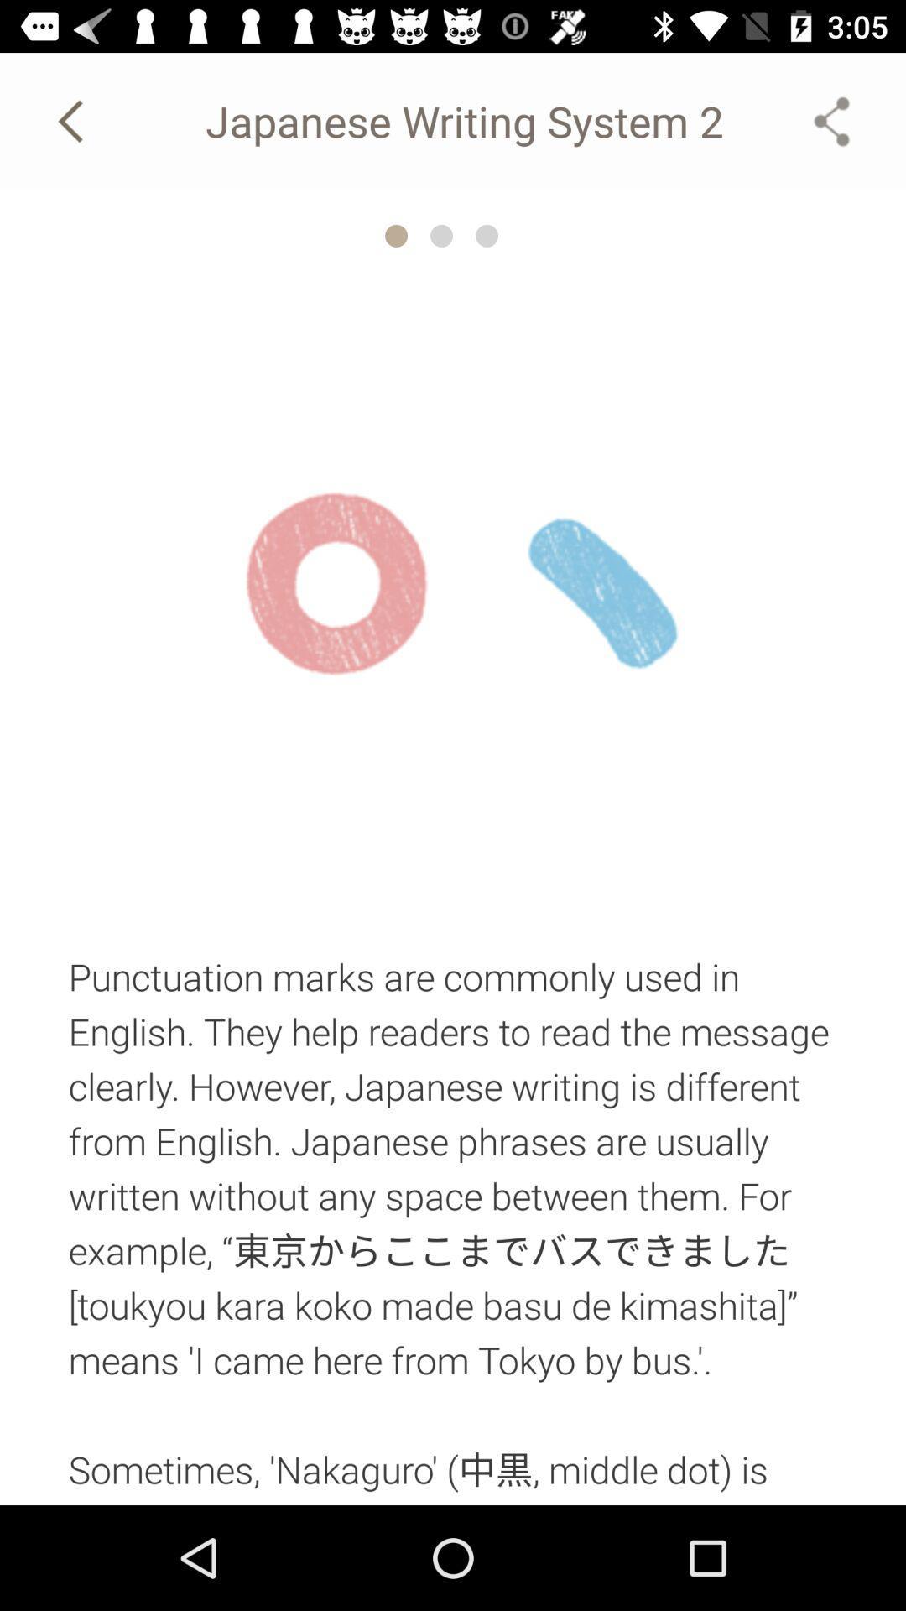 This screenshot has width=906, height=1611. What do you see at coordinates (396, 235) in the screenshot?
I see `the star icon` at bounding box center [396, 235].